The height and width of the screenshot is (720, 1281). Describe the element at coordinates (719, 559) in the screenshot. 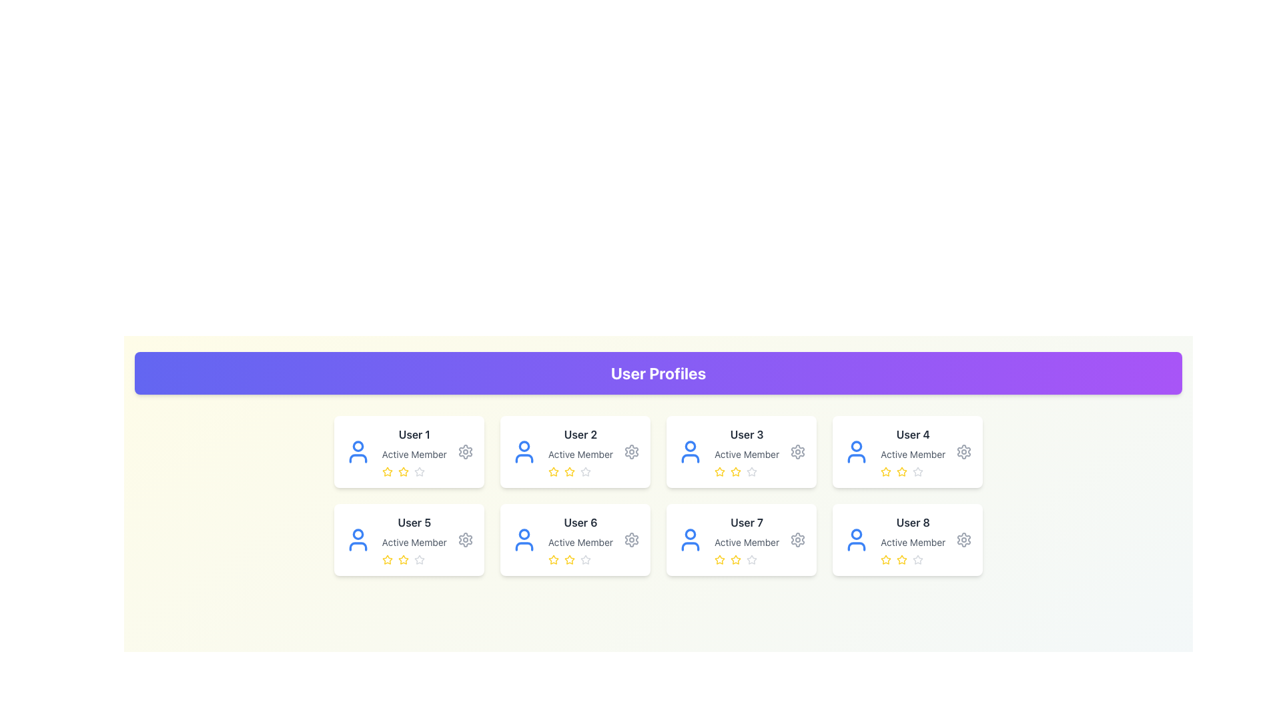

I see `the first star rating icon under 'User 7'` at that location.